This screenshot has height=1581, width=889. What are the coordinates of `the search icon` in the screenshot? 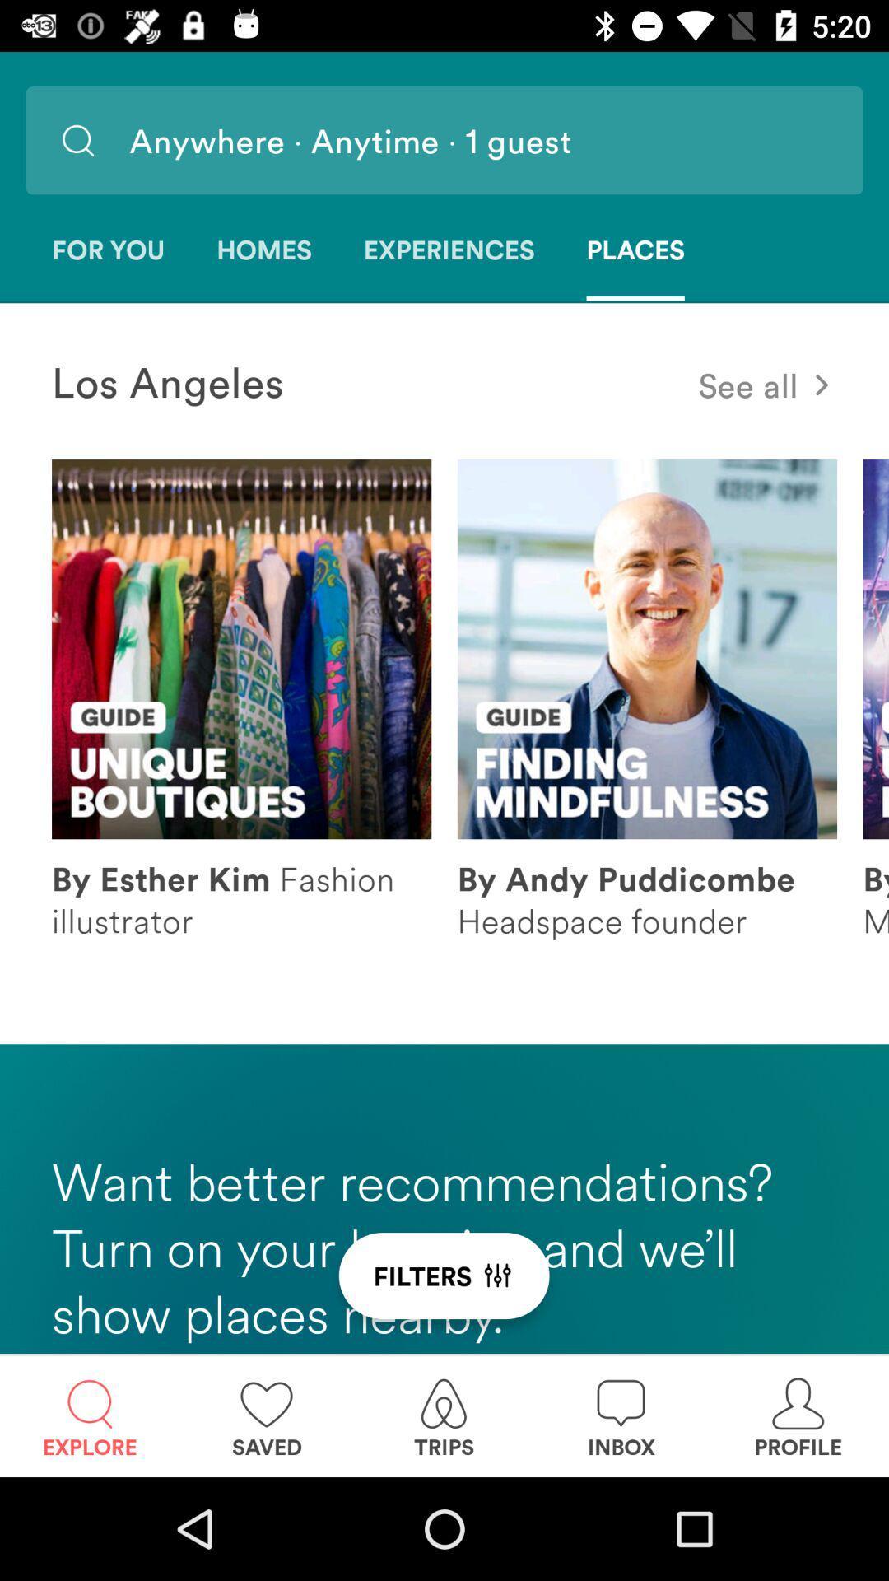 It's located at (77, 140).